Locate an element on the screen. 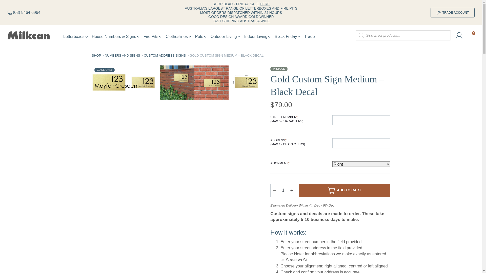  'SHOP' is located at coordinates (96, 55).